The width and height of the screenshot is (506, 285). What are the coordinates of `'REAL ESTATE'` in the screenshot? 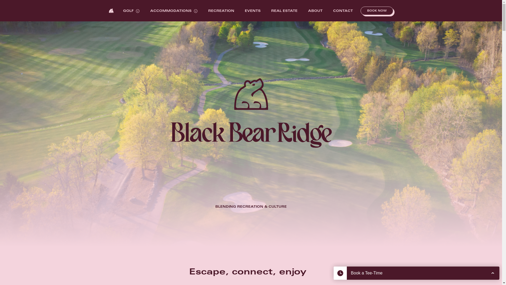 It's located at (284, 11).